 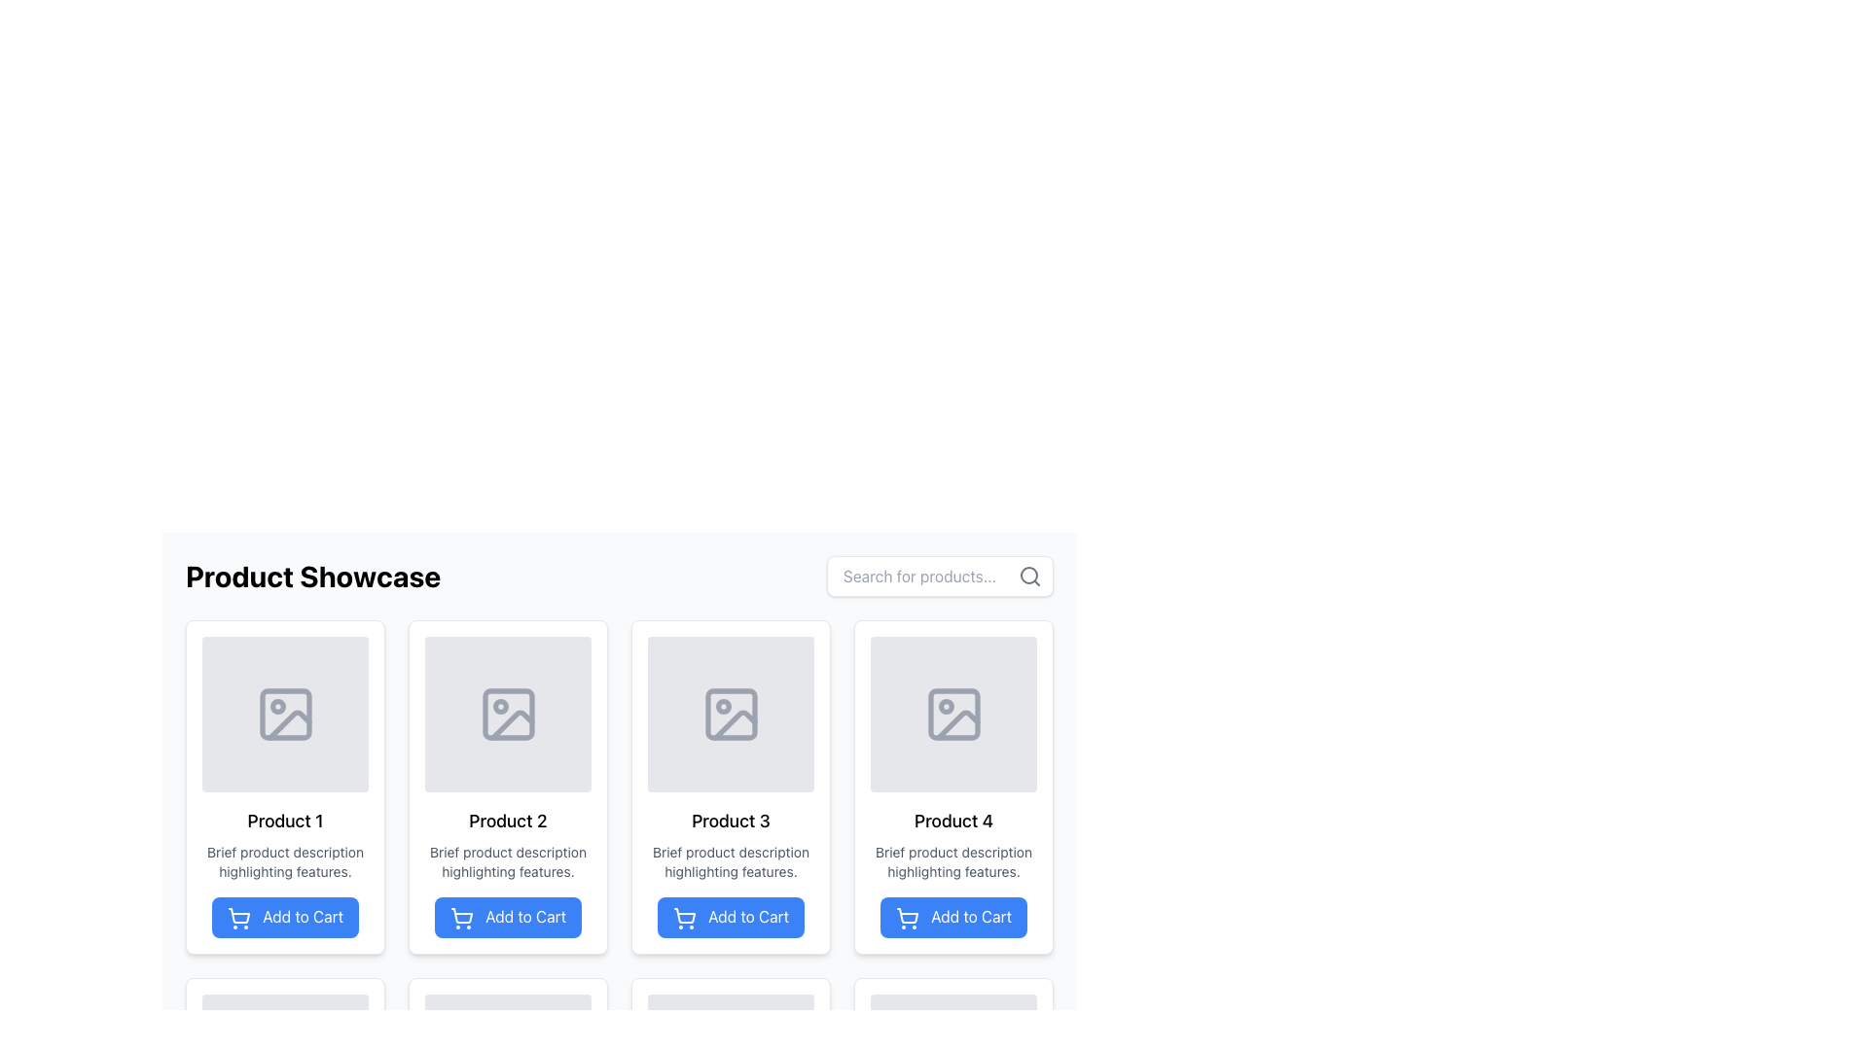 I want to click on the label providing contextual details about the features of 'Product 2', located directly below the 'Product 2' title and above the 'Add to Cart' button, so click(x=508, y=861).